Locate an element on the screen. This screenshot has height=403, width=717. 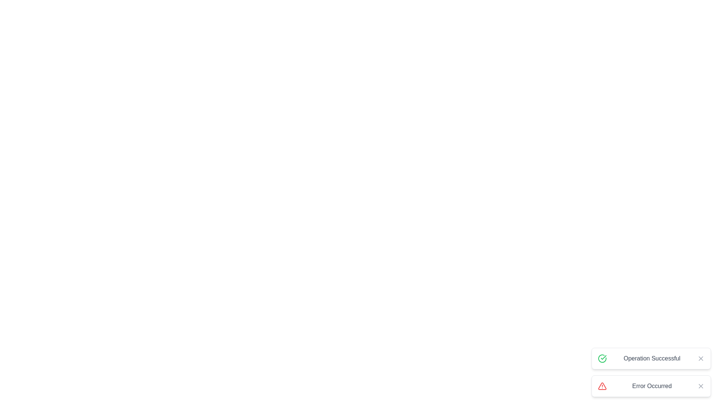
the close button located in the top-right corner of the notification box that shows 'Operation Successful' is located at coordinates (700, 358).